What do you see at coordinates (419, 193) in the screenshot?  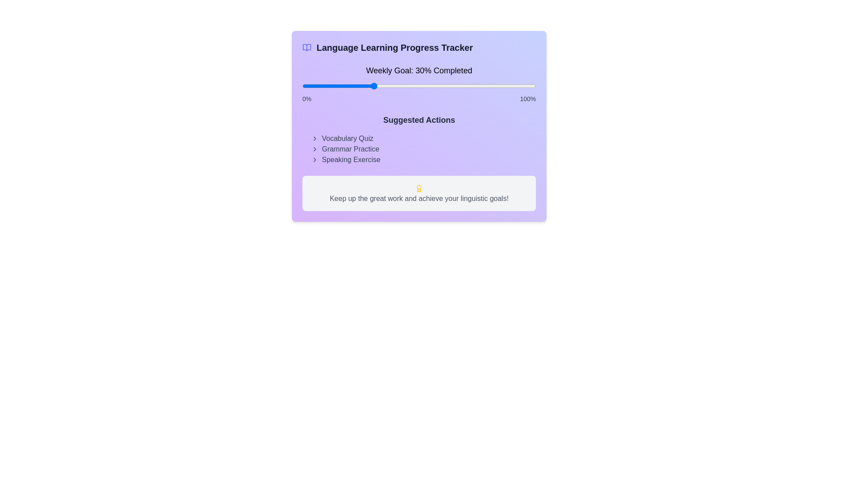 I see `the motivational message displayed in the footer section of the component` at bounding box center [419, 193].